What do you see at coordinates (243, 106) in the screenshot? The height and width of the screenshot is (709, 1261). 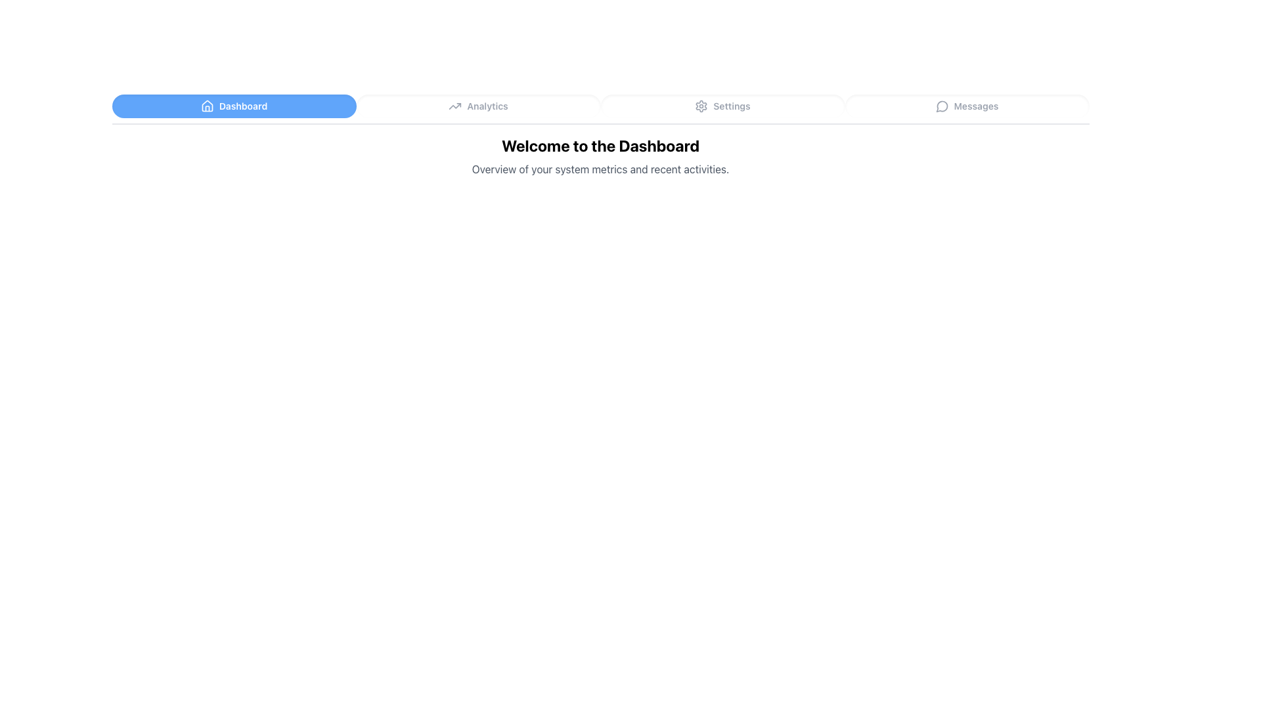 I see `the 'Dashboard' text label` at bounding box center [243, 106].